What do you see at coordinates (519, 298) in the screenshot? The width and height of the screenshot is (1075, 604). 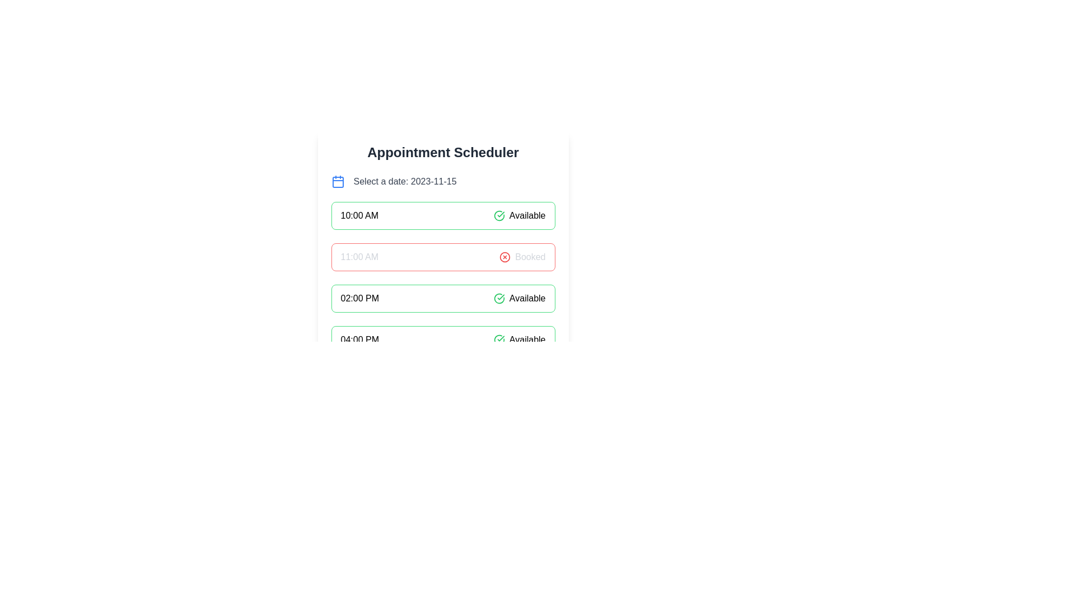 I see `the Status indicator label displaying a green check icon and the text 'Available'` at bounding box center [519, 298].